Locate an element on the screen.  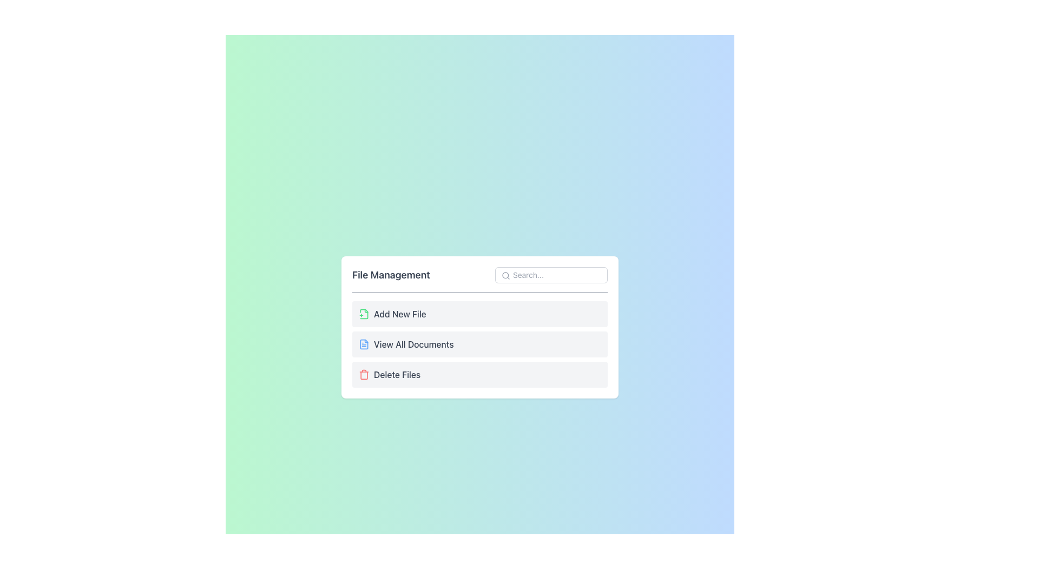
the icon that visually complements the 'View All Documents' label, located to the left of the text in a vertical list is located at coordinates (364, 344).